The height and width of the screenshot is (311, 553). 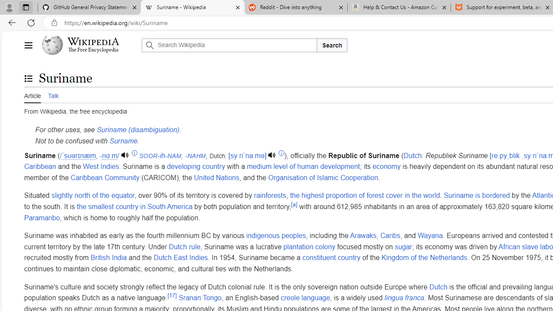 I want to click on 'Suriname (disambiguation)', so click(x=137, y=130).